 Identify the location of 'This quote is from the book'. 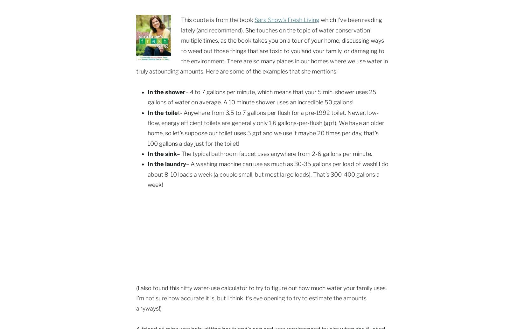
(217, 20).